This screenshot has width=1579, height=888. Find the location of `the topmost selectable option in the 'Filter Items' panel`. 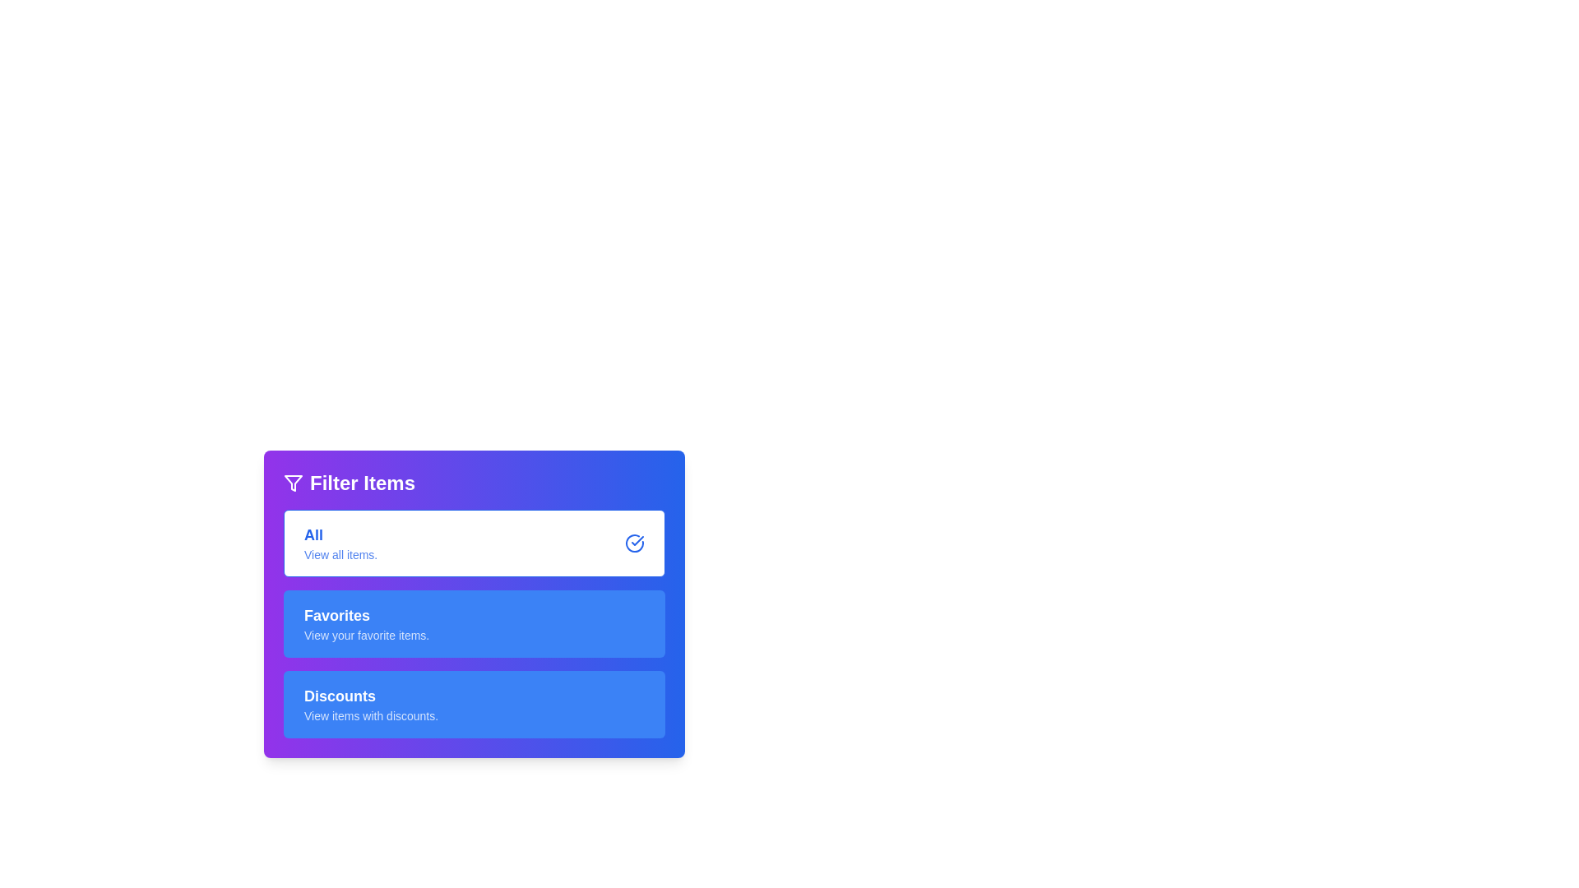

the topmost selectable option in the 'Filter Items' panel is located at coordinates (473, 543).